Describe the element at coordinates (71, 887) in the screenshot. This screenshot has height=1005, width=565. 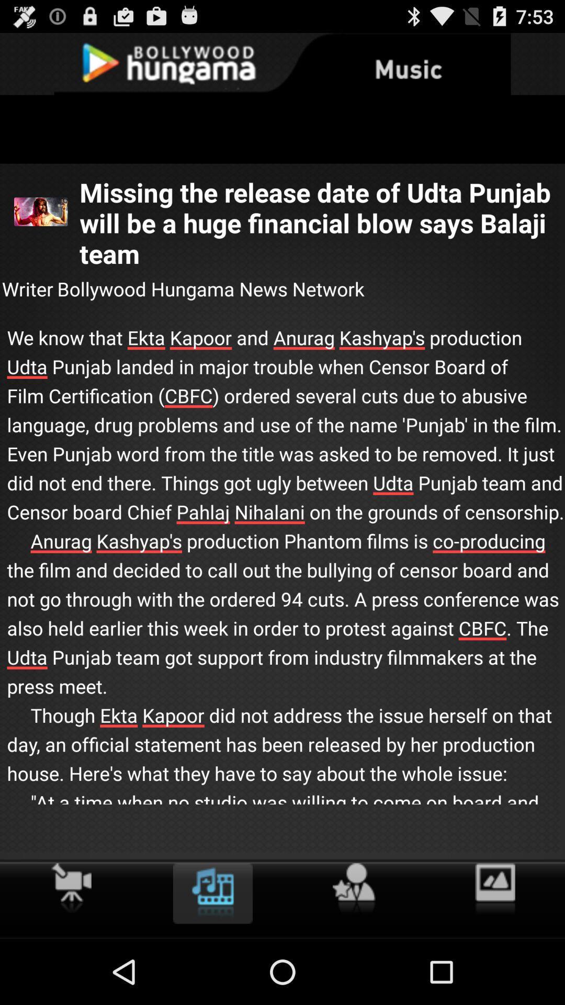
I see `record` at that location.